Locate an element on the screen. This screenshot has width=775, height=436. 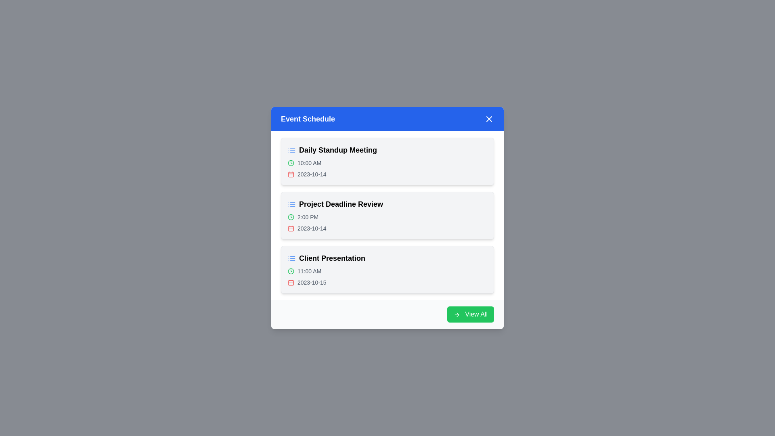
the decorative clock outline SVG circle that represents the time context for the 'Daily Standup Meeting' event in the 'Event Schedule' interface is located at coordinates (291, 271).